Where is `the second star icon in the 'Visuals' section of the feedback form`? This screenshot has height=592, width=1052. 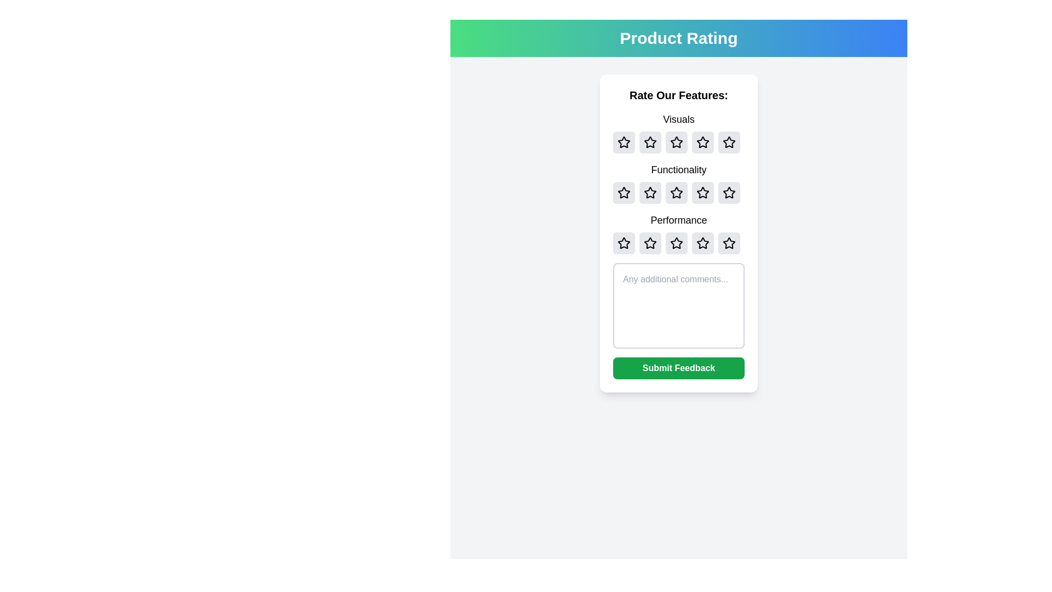
the second star icon in the 'Visuals' section of the feedback form is located at coordinates (675, 141).